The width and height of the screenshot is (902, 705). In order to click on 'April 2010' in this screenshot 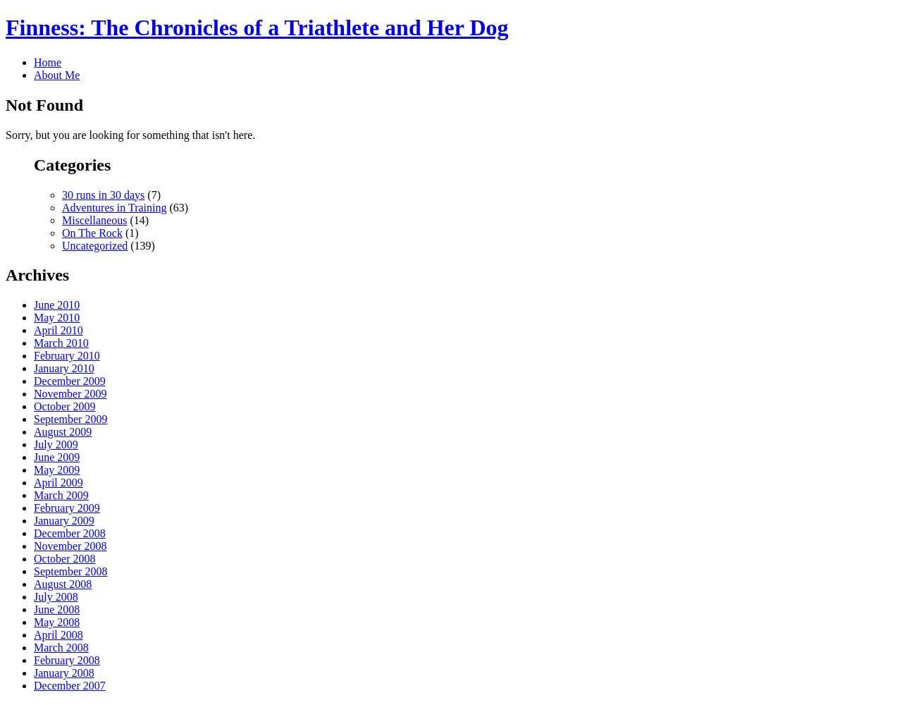, I will do `click(34, 329)`.